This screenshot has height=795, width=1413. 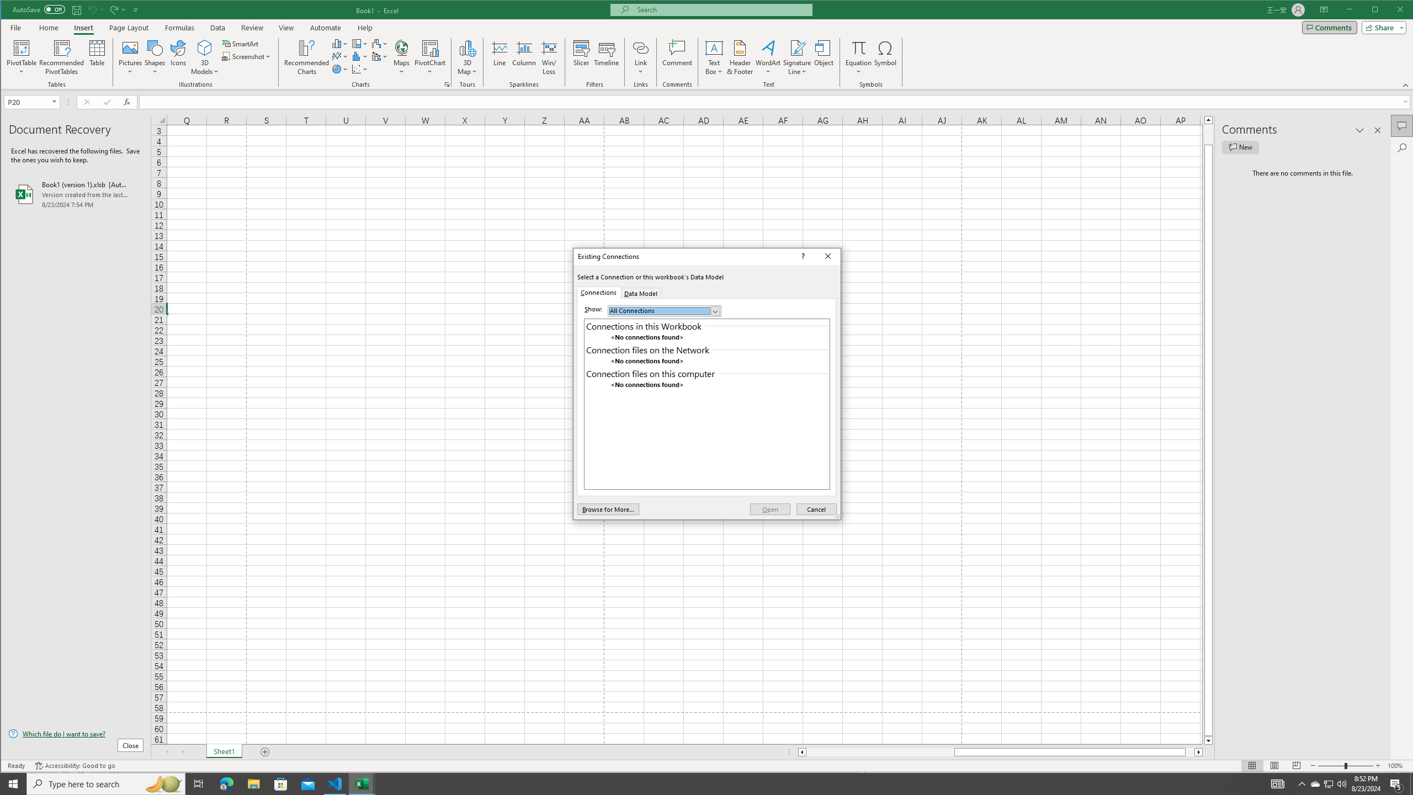 I want to click on 'Insert Column or Bar Chart', so click(x=339, y=43).